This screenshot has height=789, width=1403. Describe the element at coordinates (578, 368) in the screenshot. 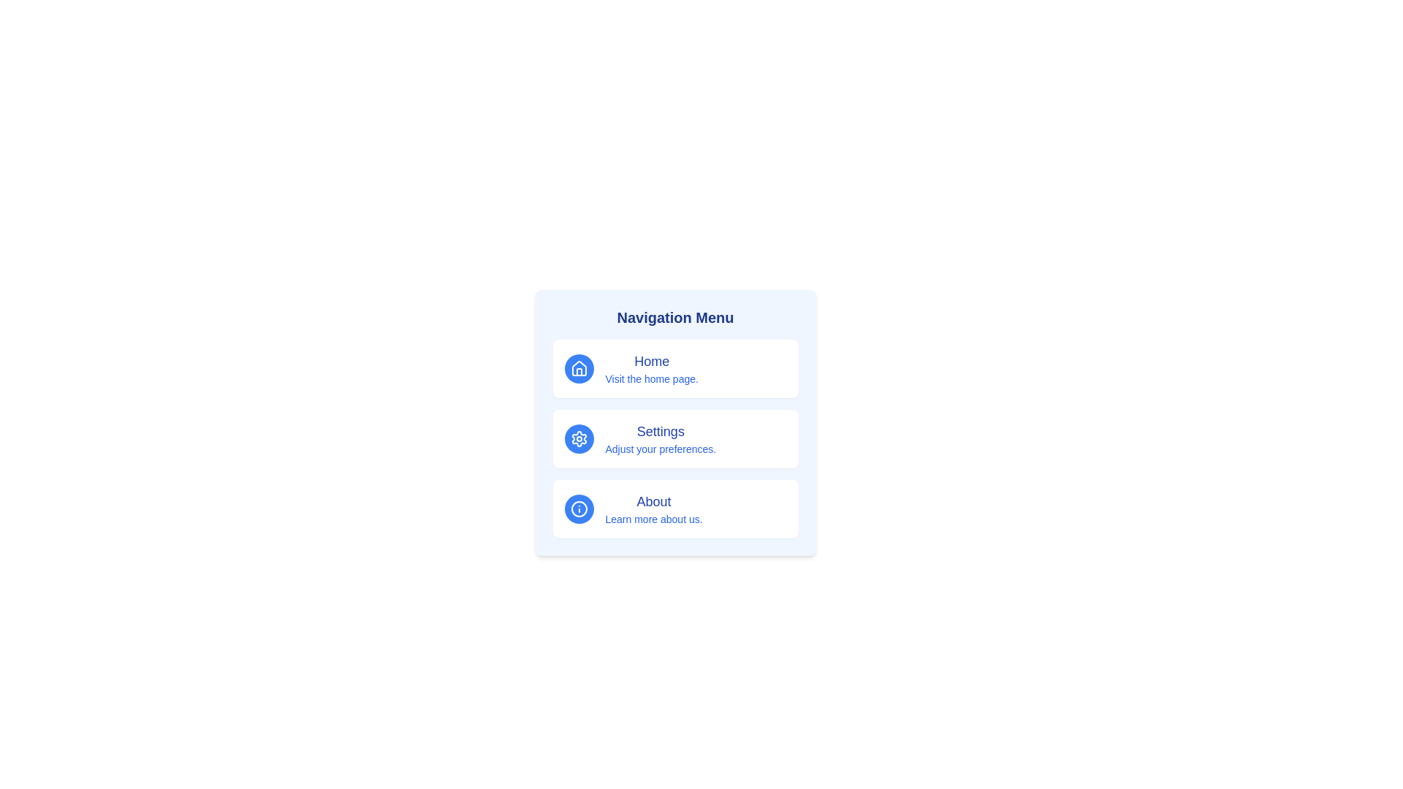

I see `the house icon with a blue circular background located at the top-left corner of the 'Home' section in the navigation menu` at that location.